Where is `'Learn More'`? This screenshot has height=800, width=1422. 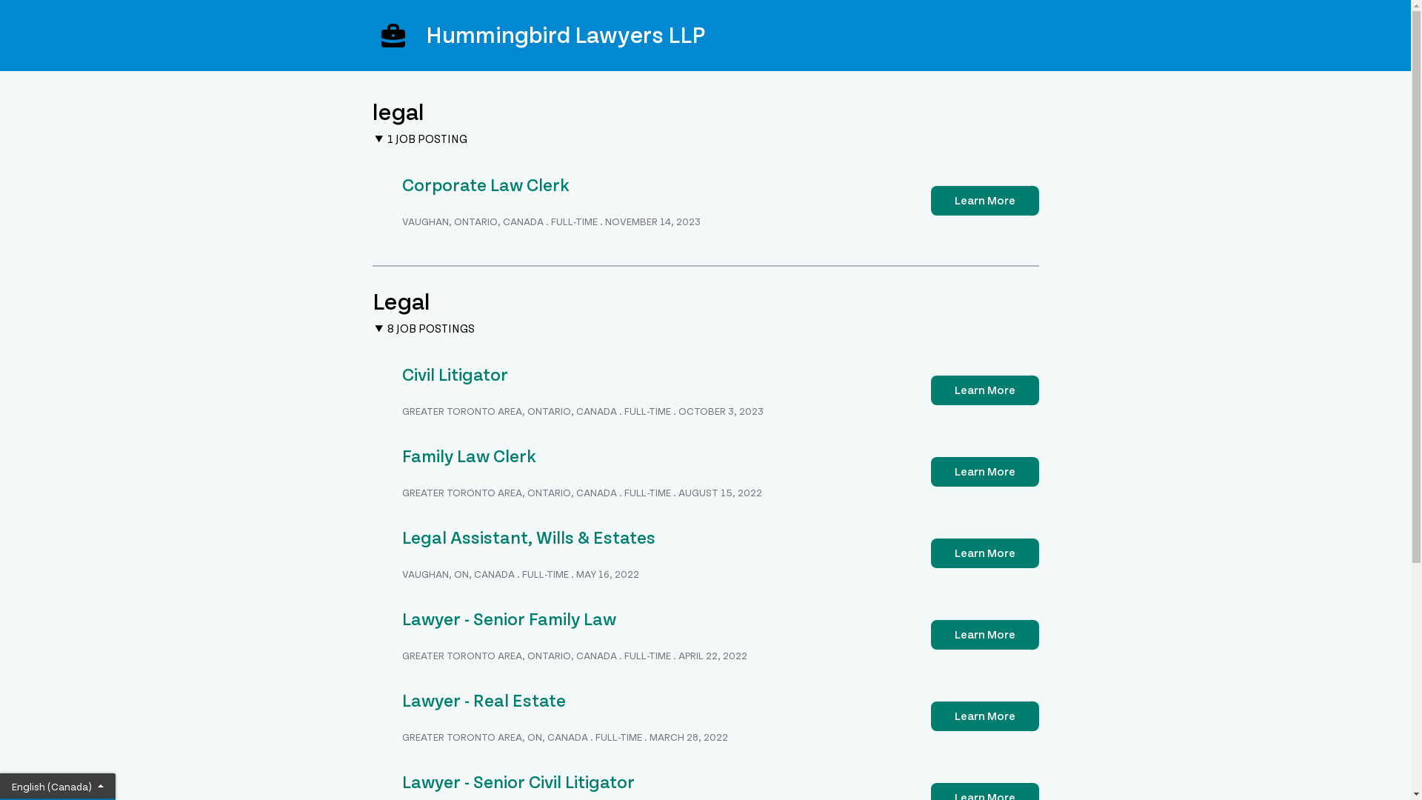 'Learn More' is located at coordinates (984, 200).